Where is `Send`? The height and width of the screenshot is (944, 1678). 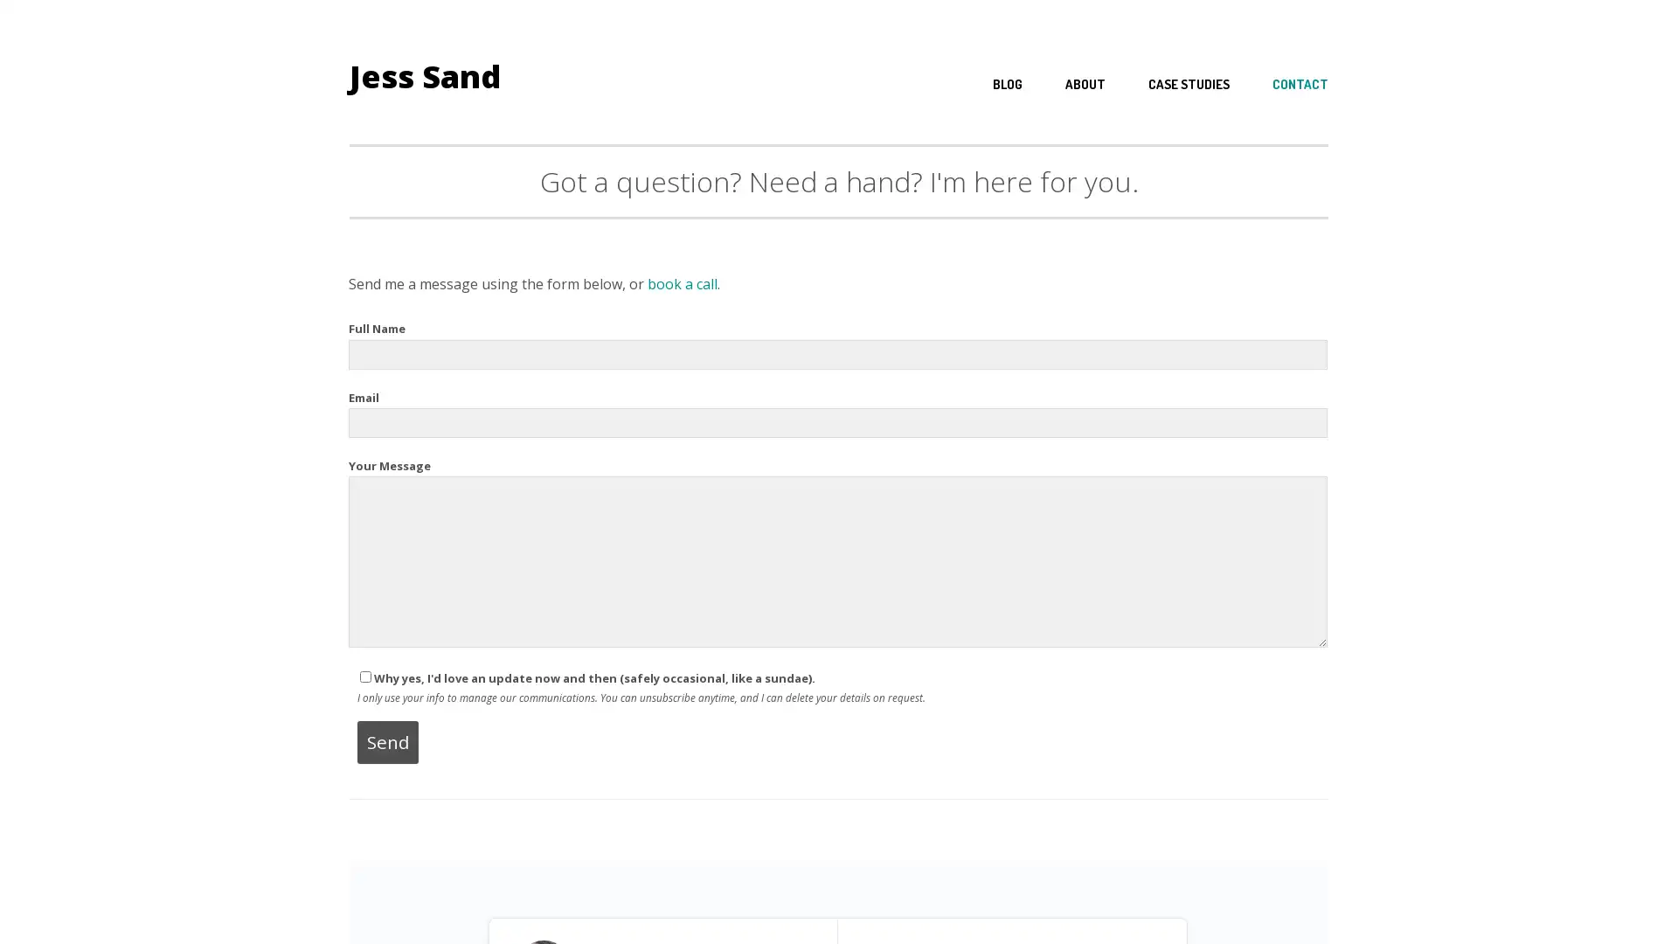 Send is located at coordinates (387, 741).